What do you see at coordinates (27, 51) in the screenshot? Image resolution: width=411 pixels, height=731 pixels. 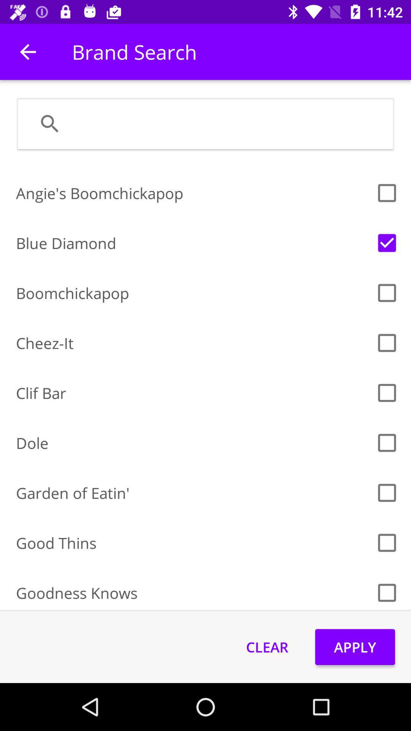 I see `go back` at bounding box center [27, 51].